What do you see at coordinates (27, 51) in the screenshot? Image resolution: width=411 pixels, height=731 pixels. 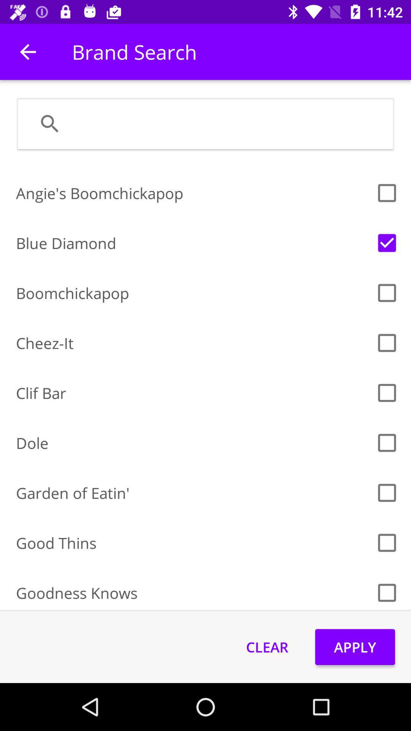 I see `go back` at bounding box center [27, 51].